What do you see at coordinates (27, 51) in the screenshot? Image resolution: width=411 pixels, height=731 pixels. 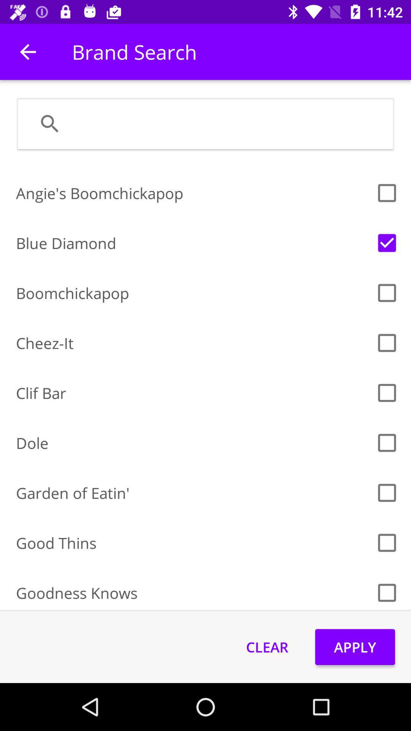 I see `go back` at bounding box center [27, 51].